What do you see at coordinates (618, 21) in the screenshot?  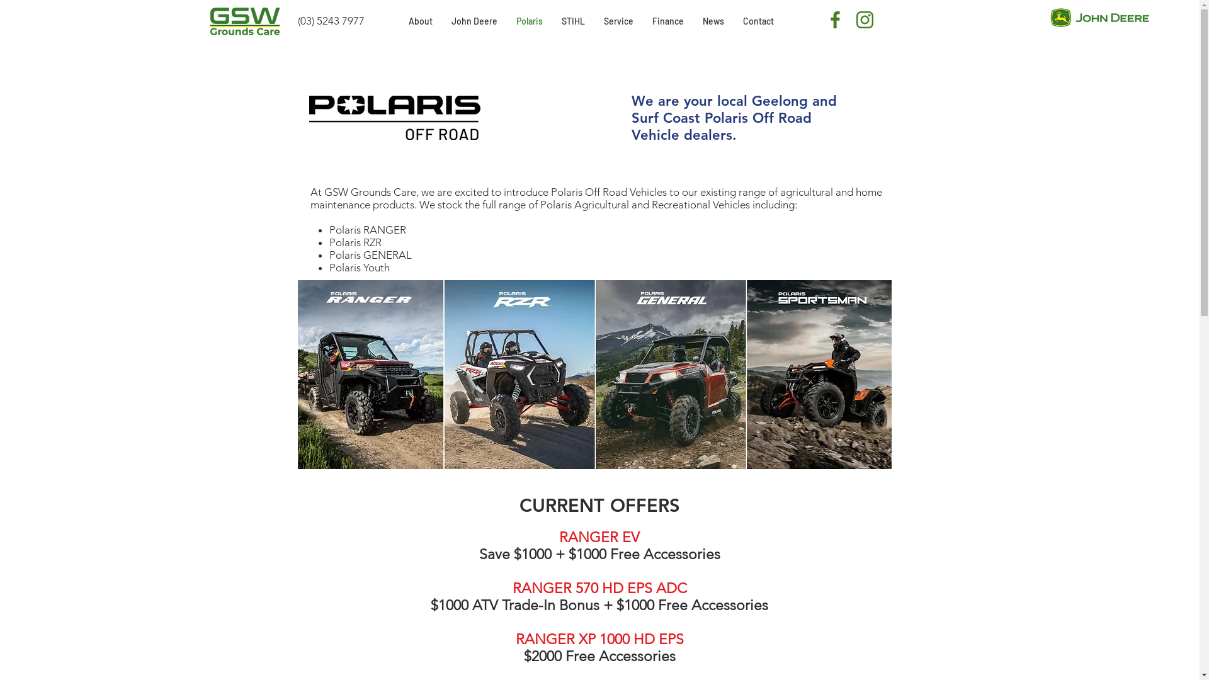 I see `'Service'` at bounding box center [618, 21].